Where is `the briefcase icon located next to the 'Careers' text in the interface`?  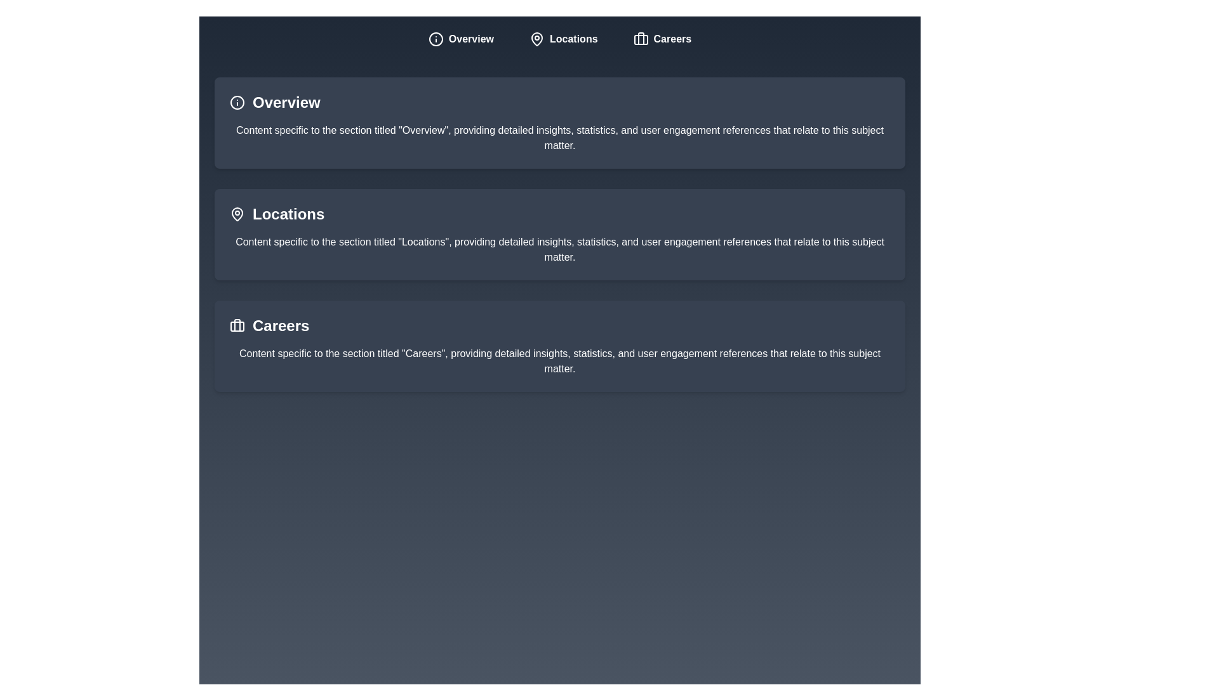 the briefcase icon located next to the 'Careers' text in the interface is located at coordinates (237, 325).